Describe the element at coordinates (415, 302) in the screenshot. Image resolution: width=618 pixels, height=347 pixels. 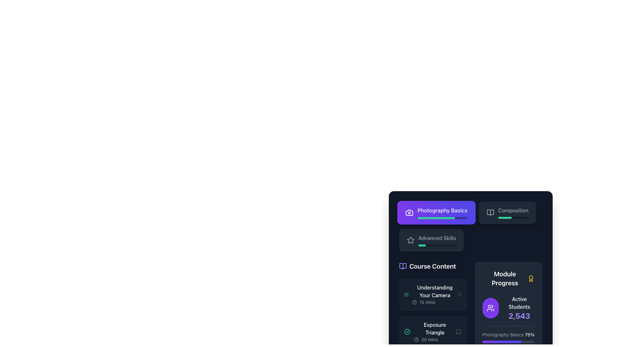
I see `the decorative icon representing the time '15 mins' next to the 'Understanding Your Camera' label in the 'Course Content' section` at that location.